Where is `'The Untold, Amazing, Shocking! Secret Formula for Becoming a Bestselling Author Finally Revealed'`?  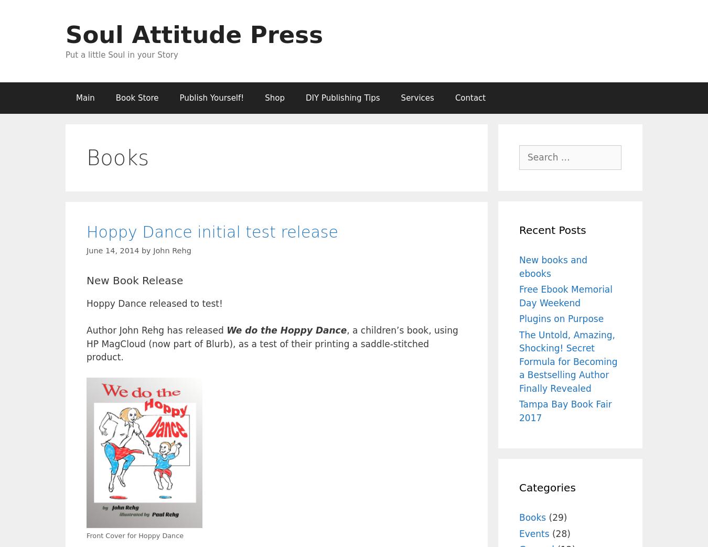 'The Untold, Amazing, Shocking! Secret Formula for Becoming a Bestselling Author Finally Revealed' is located at coordinates (568, 361).